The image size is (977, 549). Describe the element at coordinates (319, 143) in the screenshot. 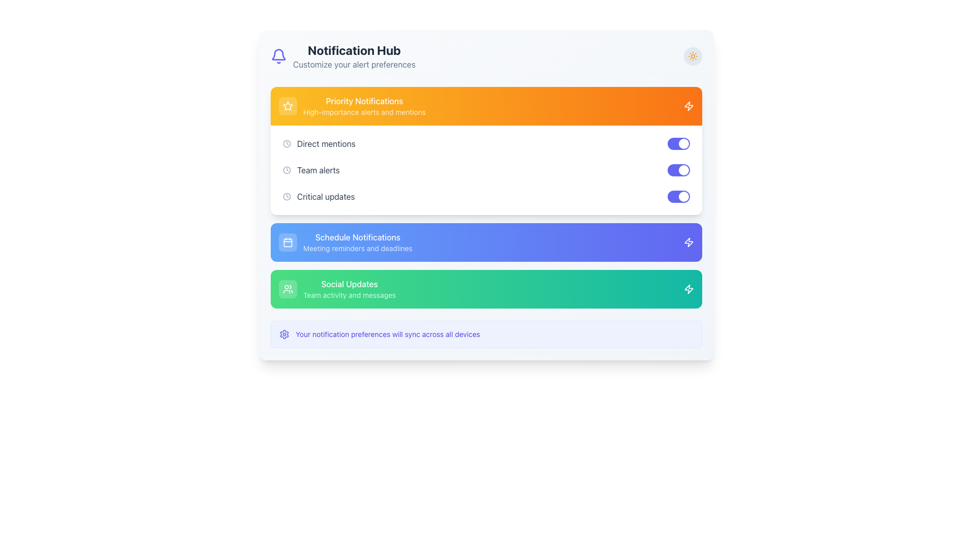

I see `the 'Direct mentions' label or navigation link, which features a clock icon and is the first option under the 'Priority Notifications' section` at that location.